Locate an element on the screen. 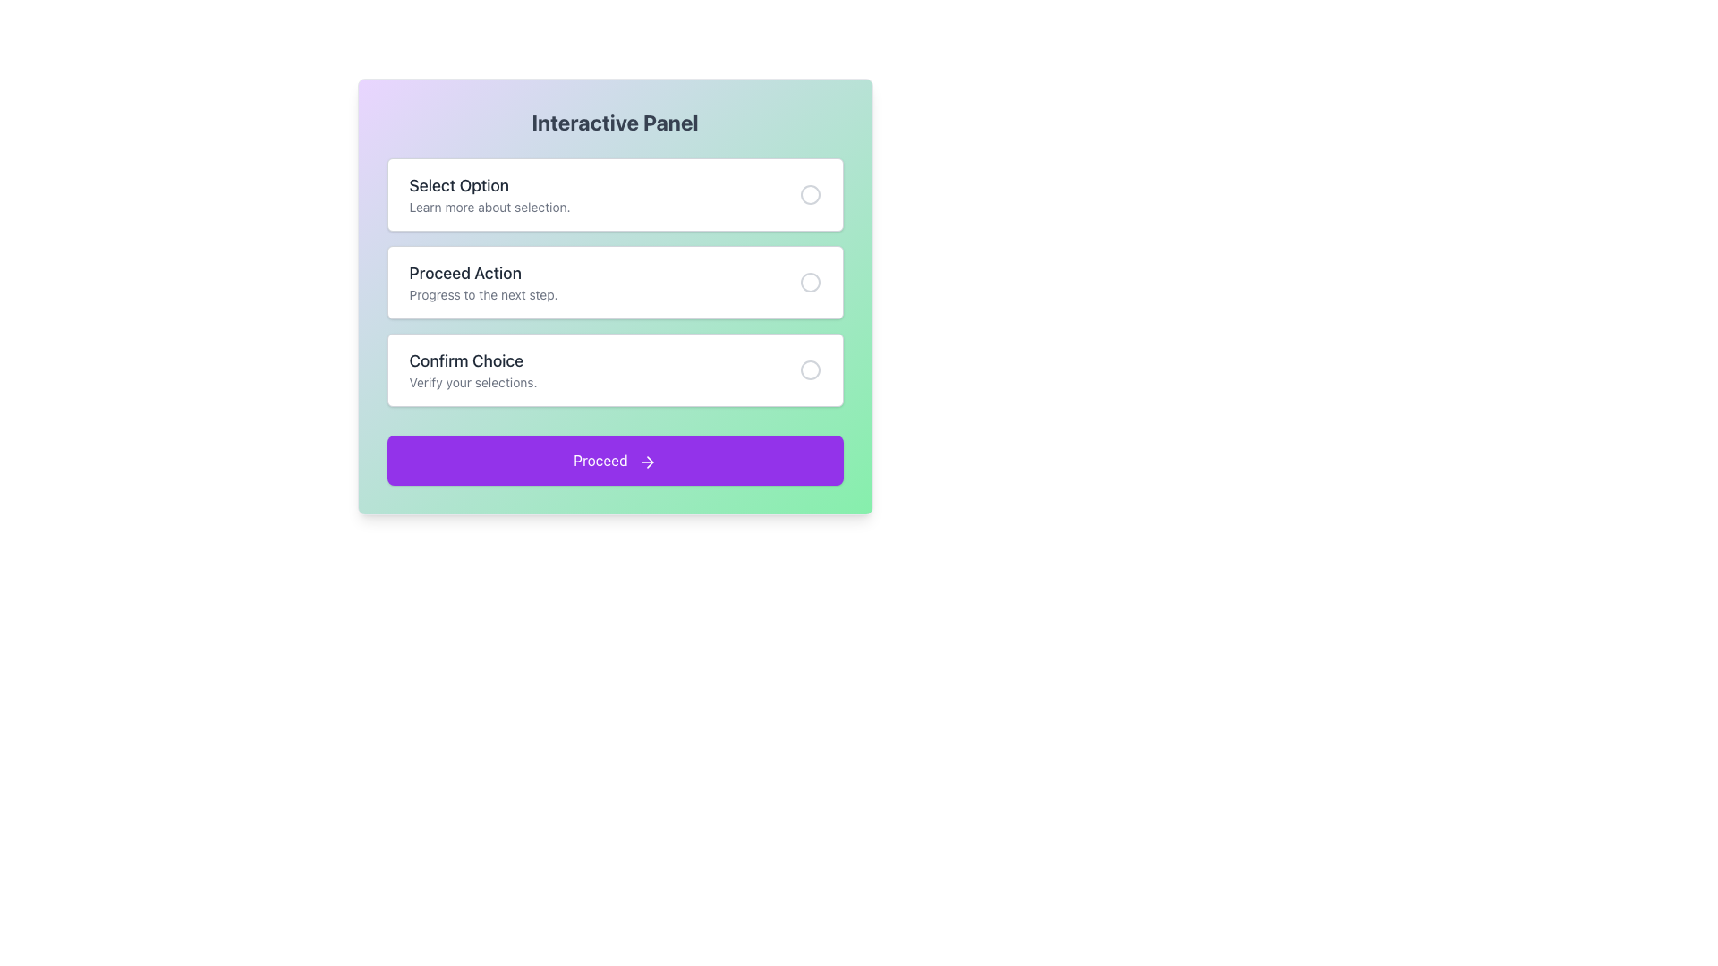 The image size is (1718, 966). the 'Proceed' button with white text and a purple background located at the bottom of the interactive panel to proceed is located at coordinates (615, 460).